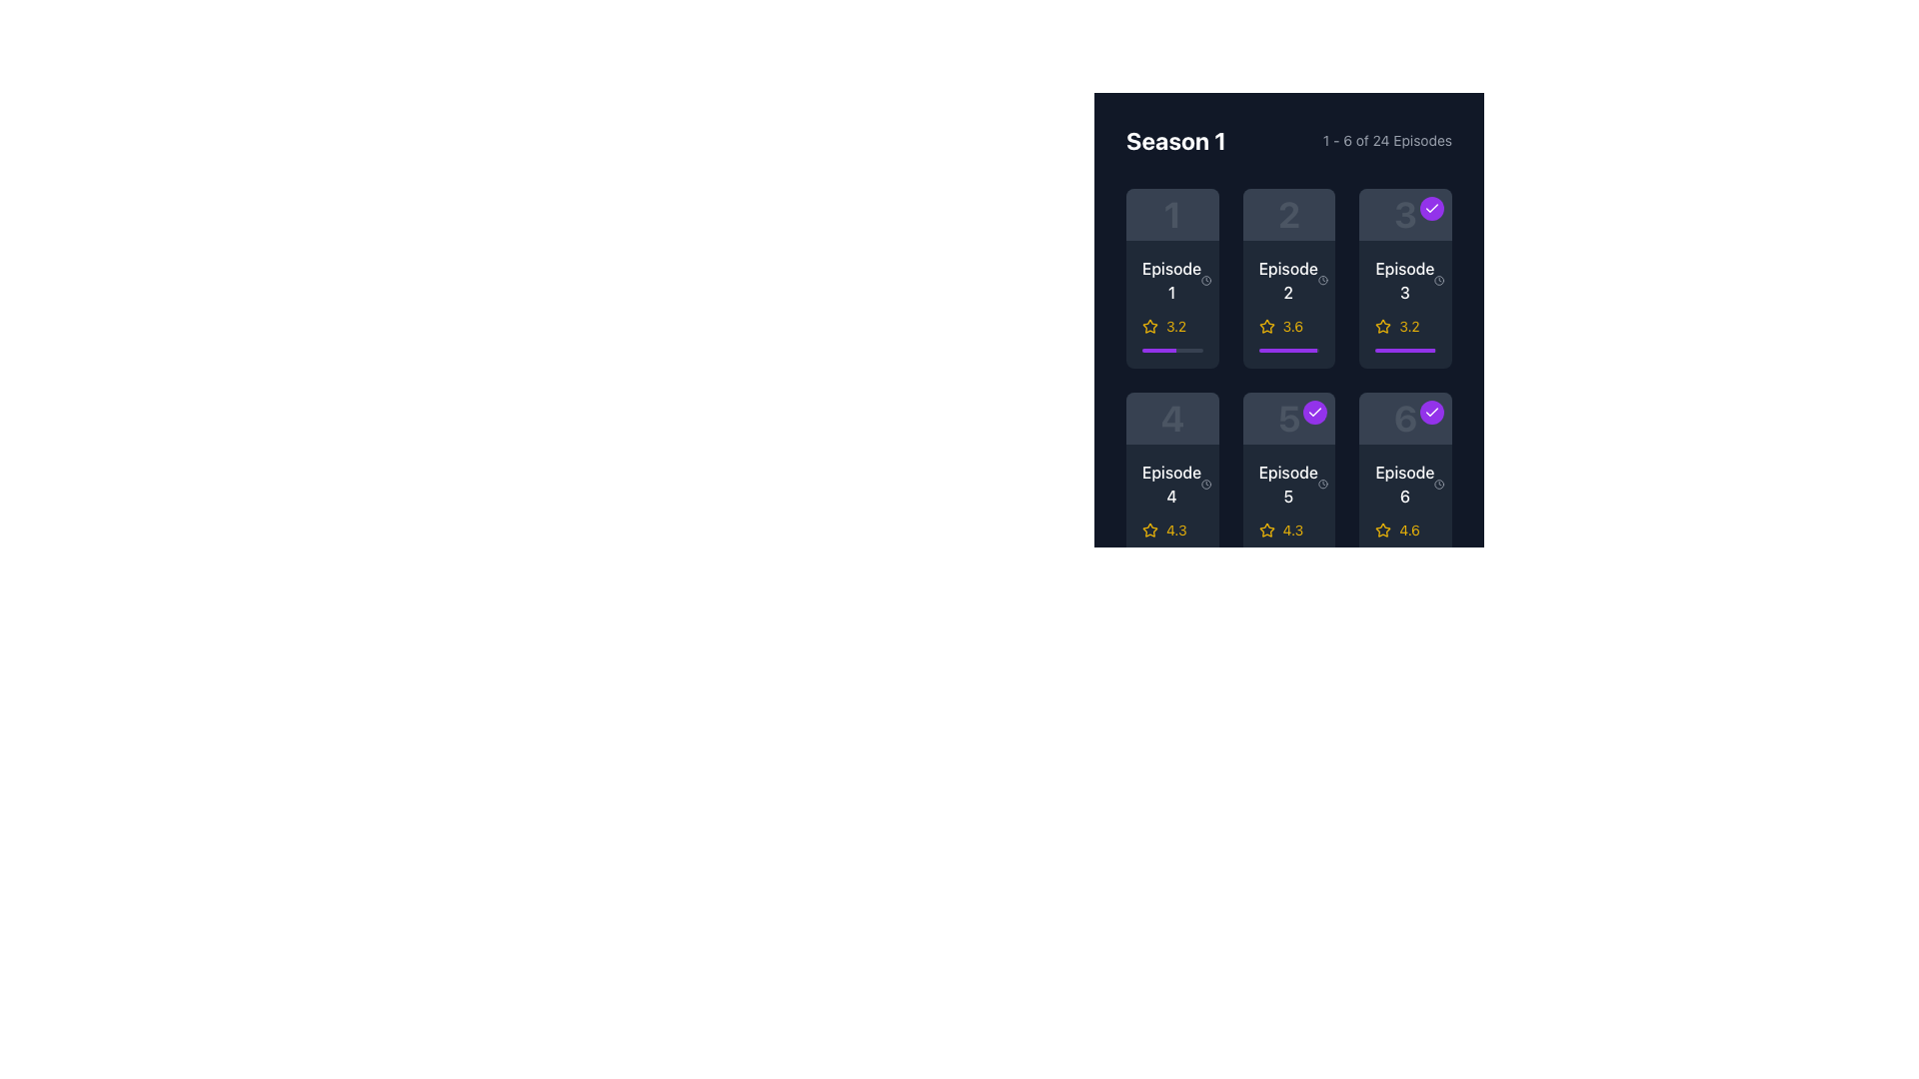 The height and width of the screenshot is (1079, 1919). Describe the element at coordinates (1289, 485) in the screenshot. I see `the text label displaying 'Episode 5' which is positioned below a 'checked' purple icon and above a star rating and progress bar` at that location.